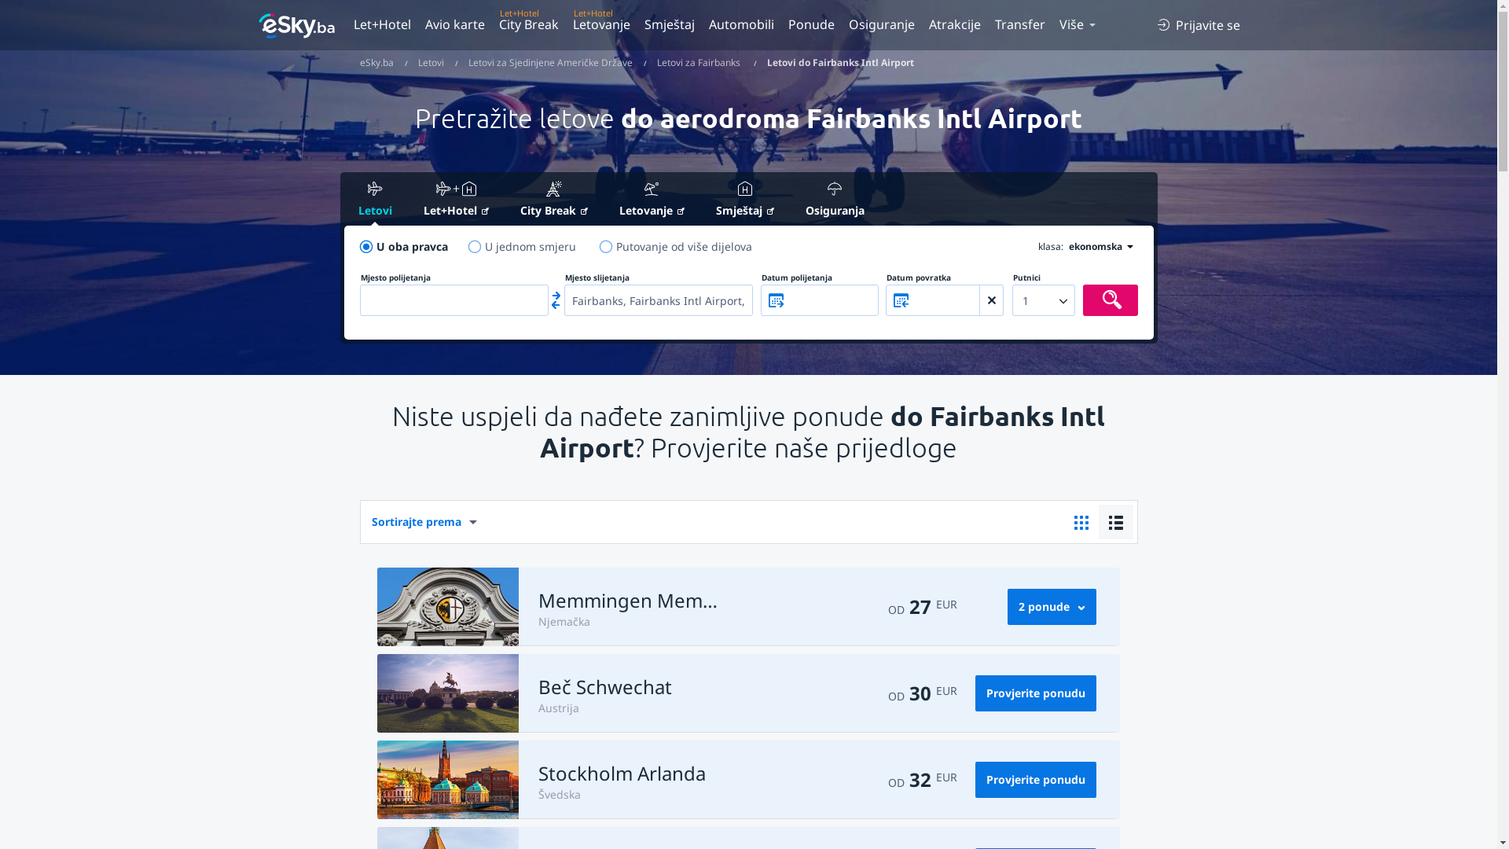  What do you see at coordinates (600, 24) in the screenshot?
I see `'Letovanje'` at bounding box center [600, 24].